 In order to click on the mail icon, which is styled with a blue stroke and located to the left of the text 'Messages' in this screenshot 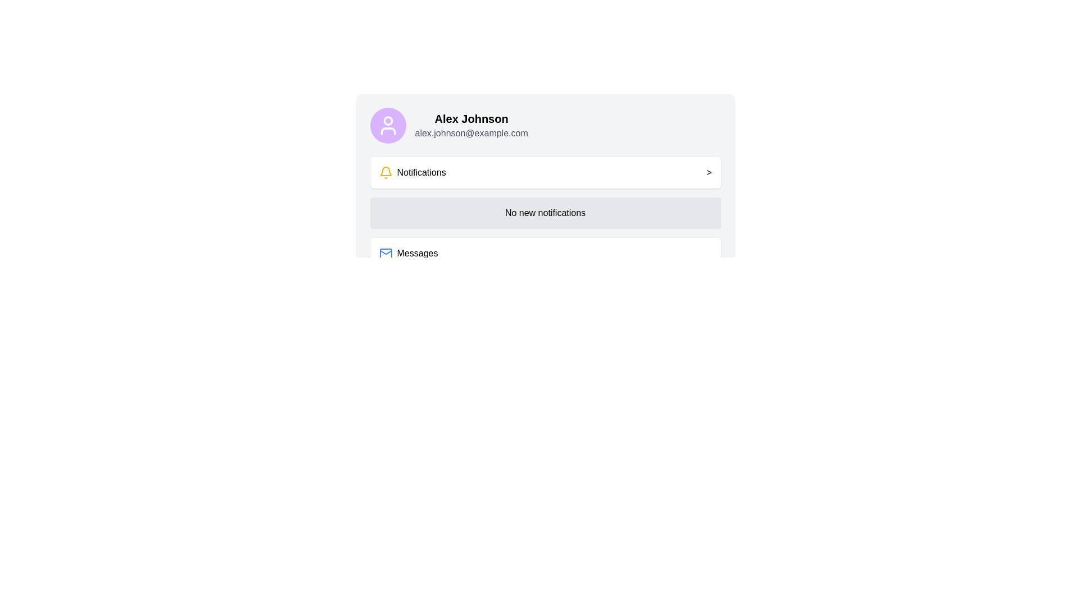, I will do `click(386, 253)`.